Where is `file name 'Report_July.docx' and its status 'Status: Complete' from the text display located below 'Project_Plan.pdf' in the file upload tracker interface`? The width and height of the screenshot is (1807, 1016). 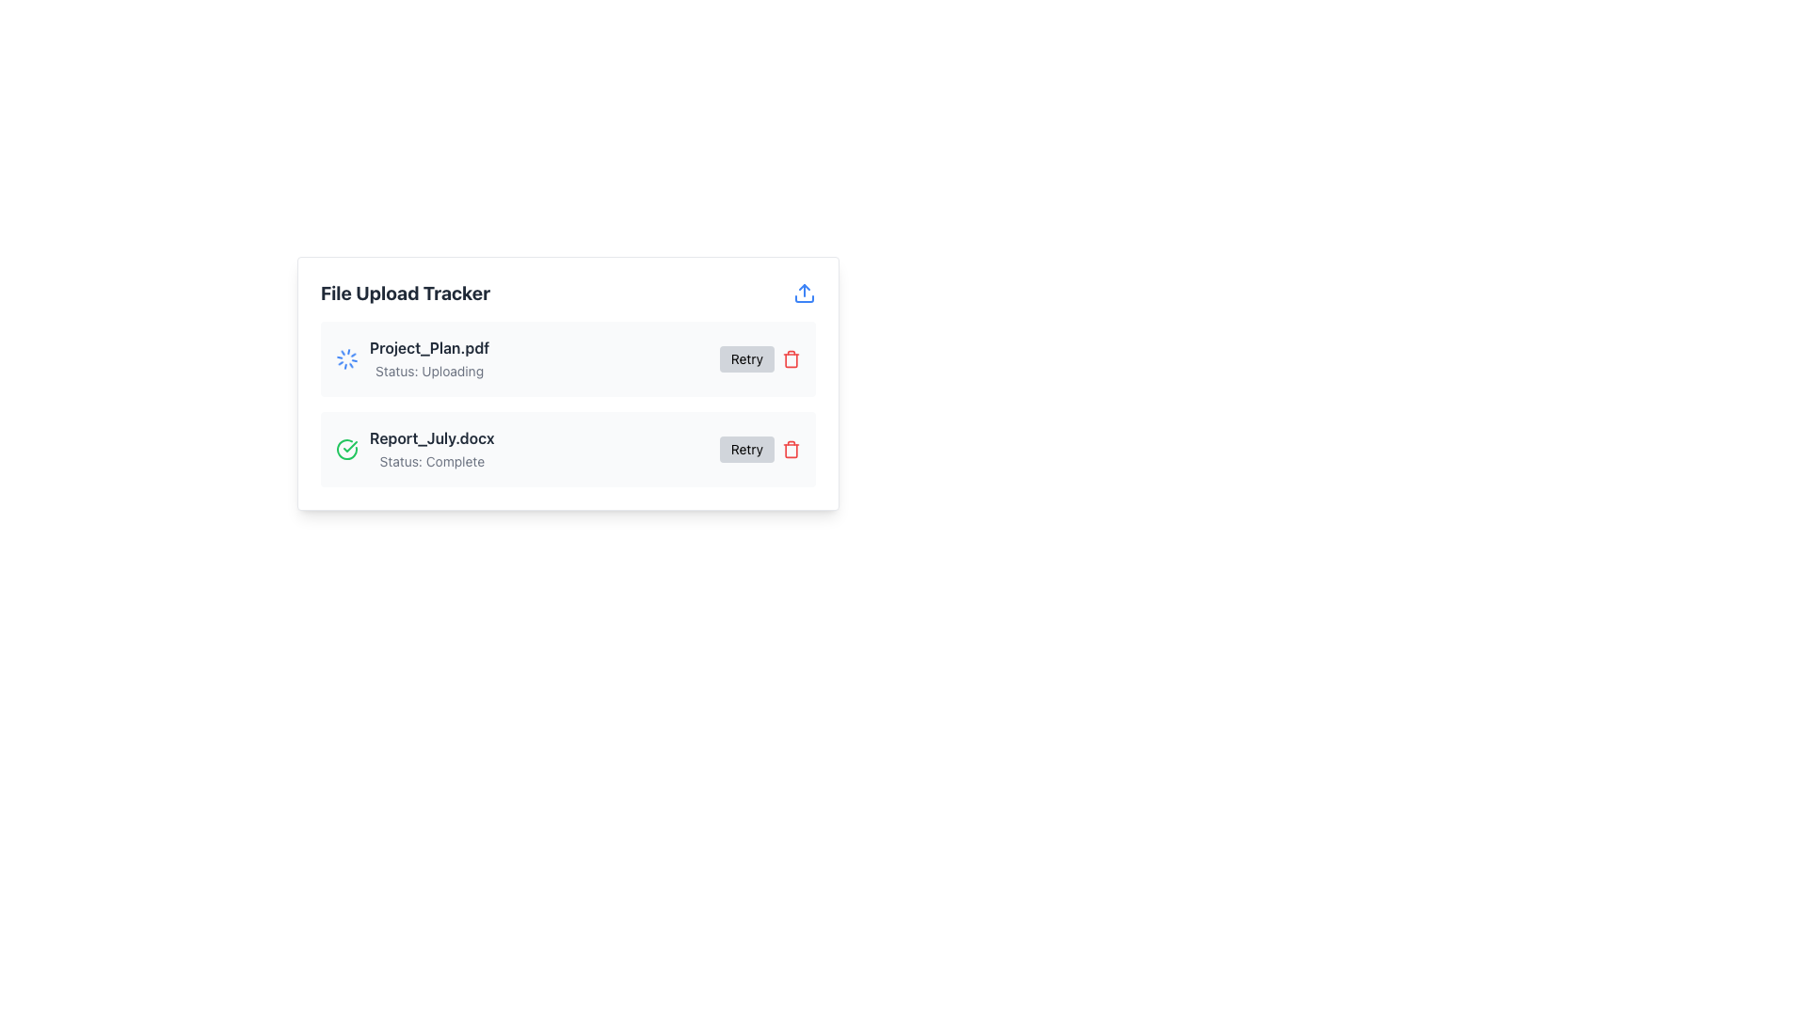 file name 'Report_July.docx' and its status 'Status: Complete' from the text display located below 'Project_Plan.pdf' in the file upload tracker interface is located at coordinates (431, 450).